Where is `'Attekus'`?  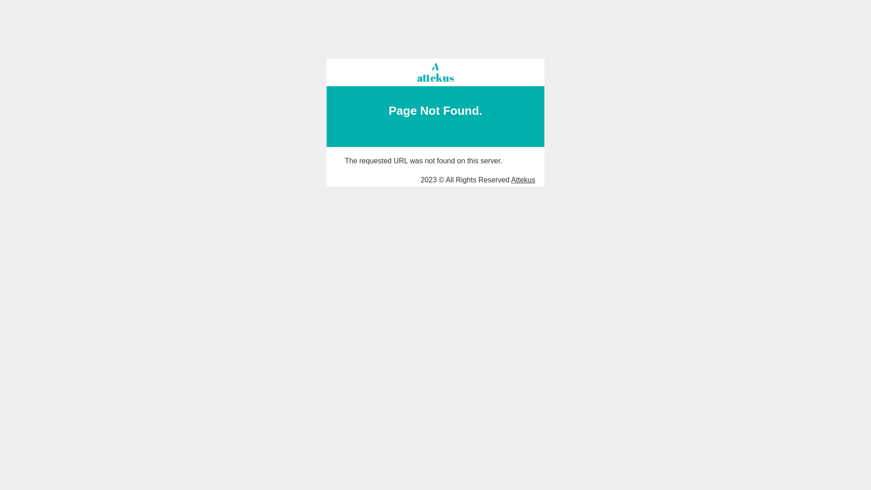
'Attekus' is located at coordinates (523, 180).